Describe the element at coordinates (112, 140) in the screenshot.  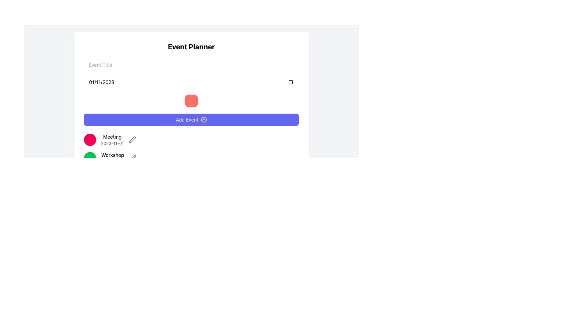
I see `the static label displaying the 'Meeting' scheduled for '2023-11-01', located between a circular pink icon and an edit icon in the event planner interface` at that location.